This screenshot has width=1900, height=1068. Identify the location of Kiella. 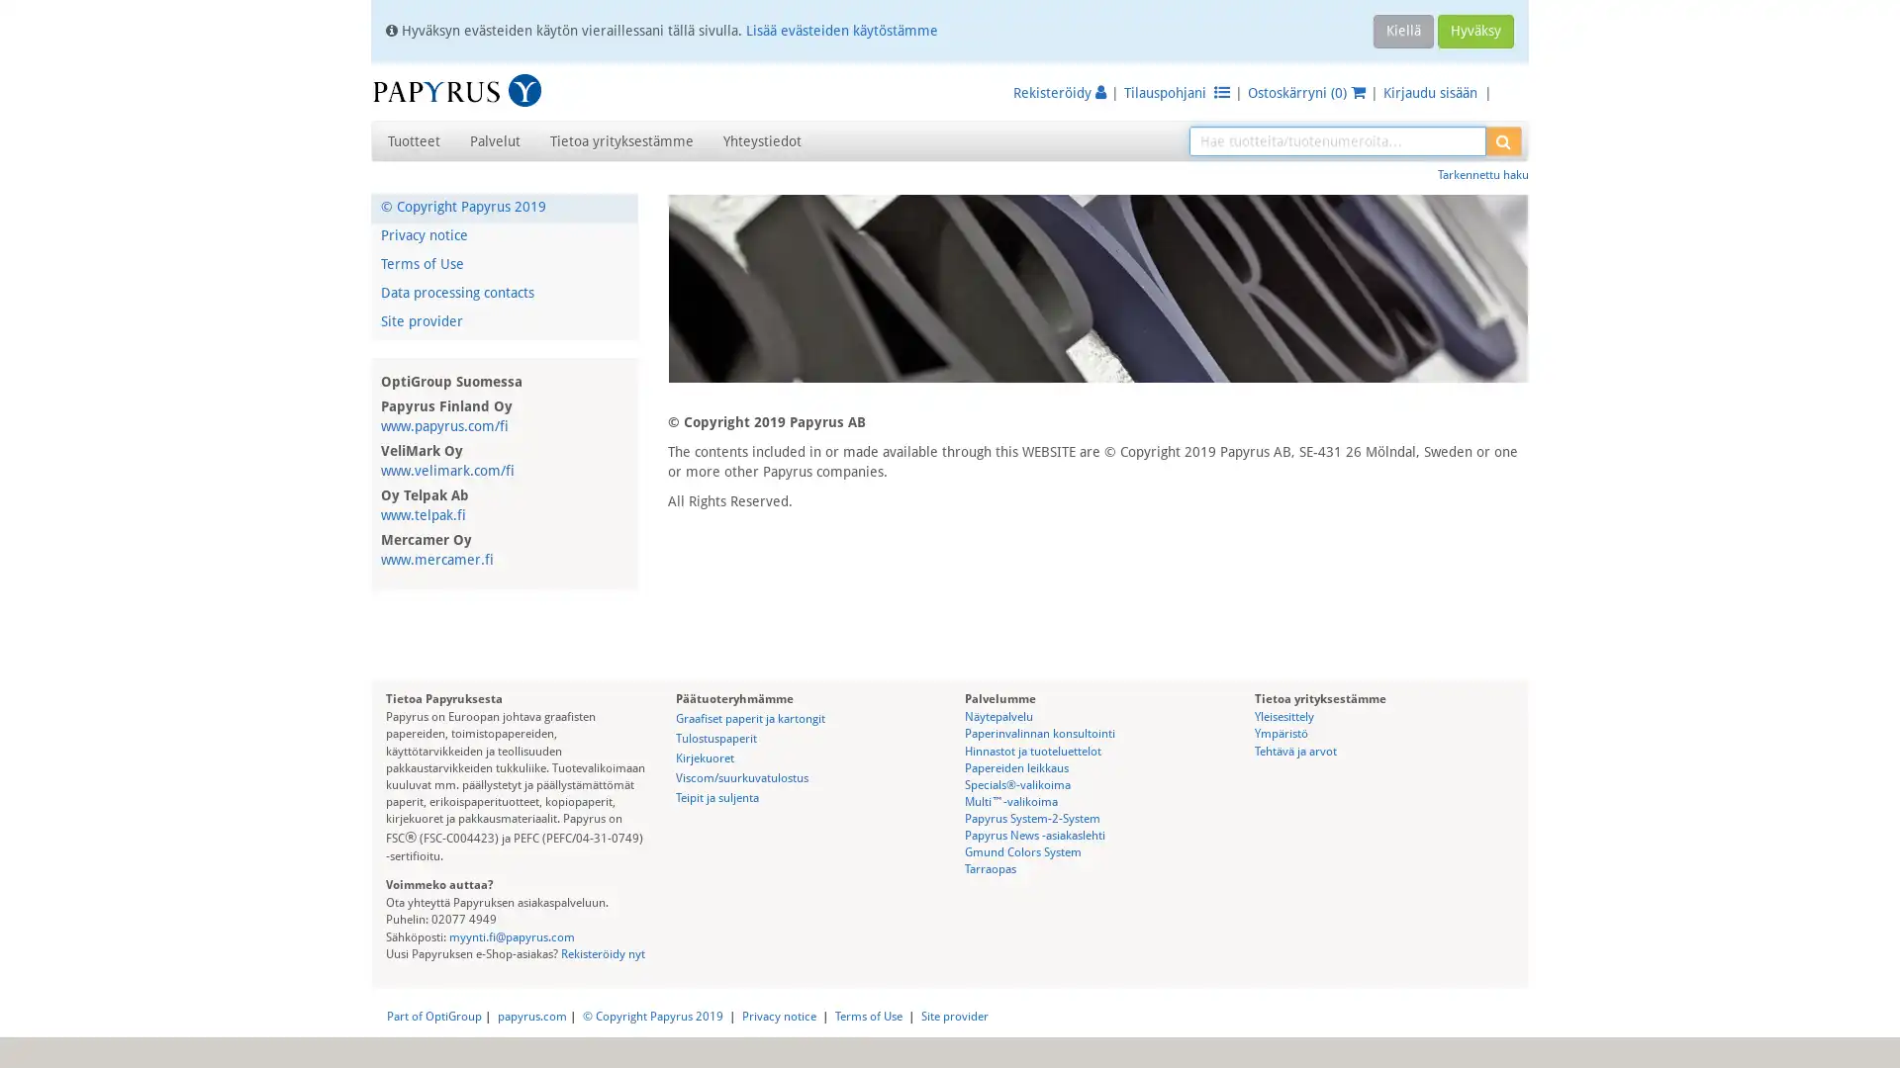
(1402, 31).